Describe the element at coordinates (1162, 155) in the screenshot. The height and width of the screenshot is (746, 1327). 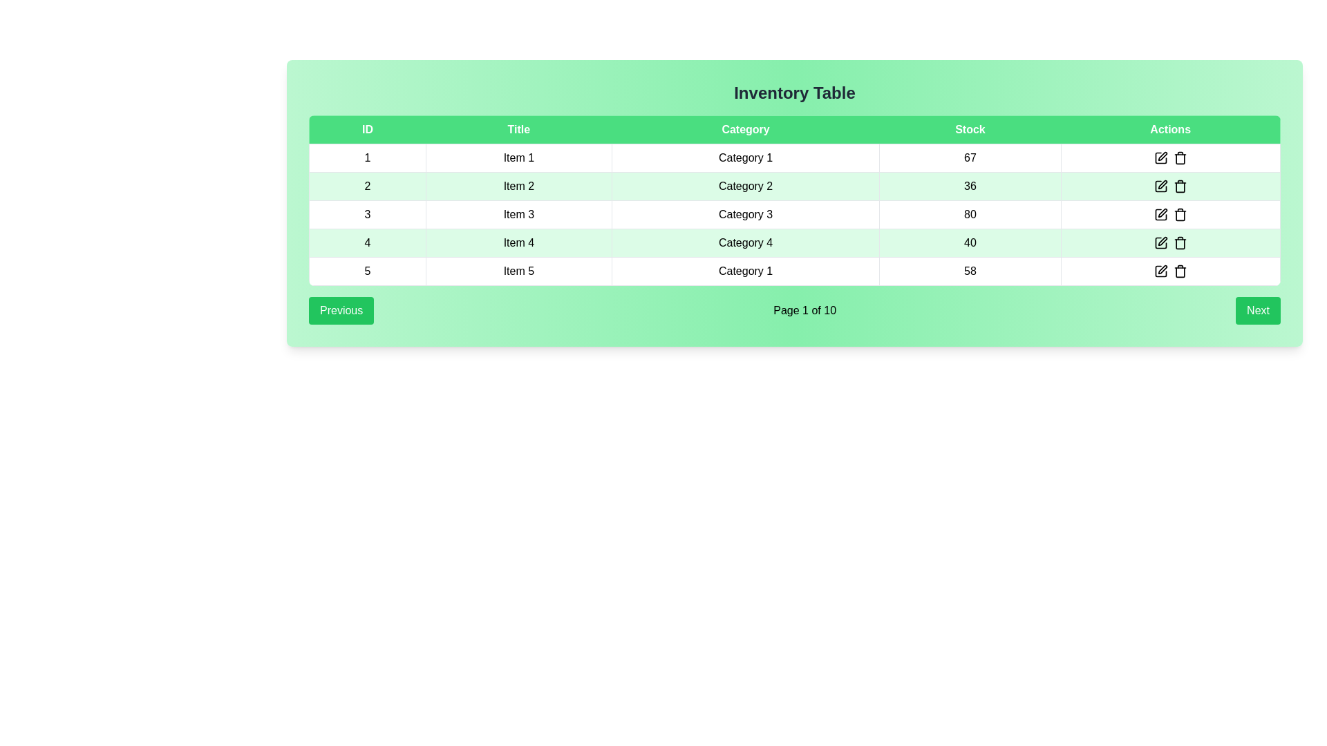
I see `the pencil icon in the 'Actions' column of the first row in the inventory table` at that location.